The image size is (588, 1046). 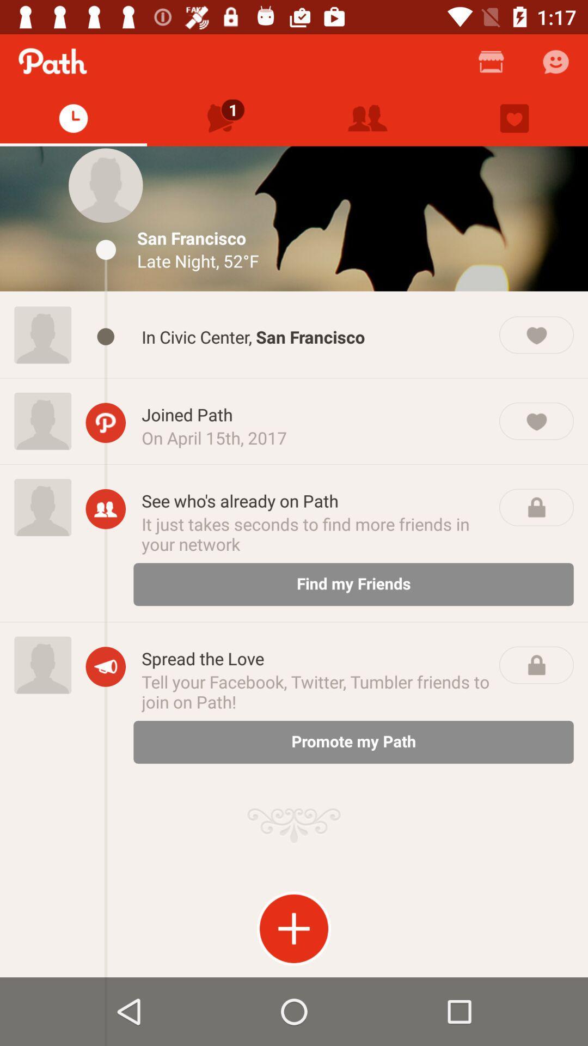 What do you see at coordinates (106, 336) in the screenshot?
I see `the button right to 4th image from bottom` at bounding box center [106, 336].